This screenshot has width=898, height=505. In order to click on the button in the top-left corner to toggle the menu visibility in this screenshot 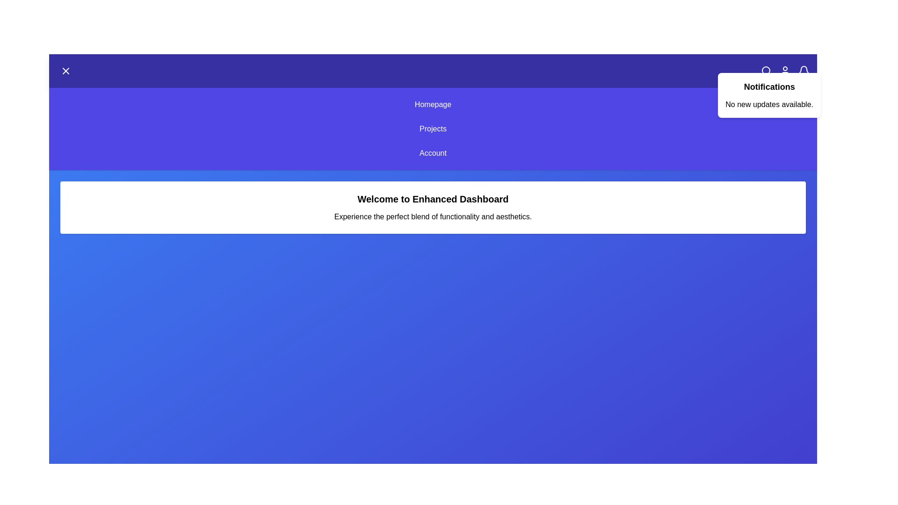, I will do `click(65, 70)`.